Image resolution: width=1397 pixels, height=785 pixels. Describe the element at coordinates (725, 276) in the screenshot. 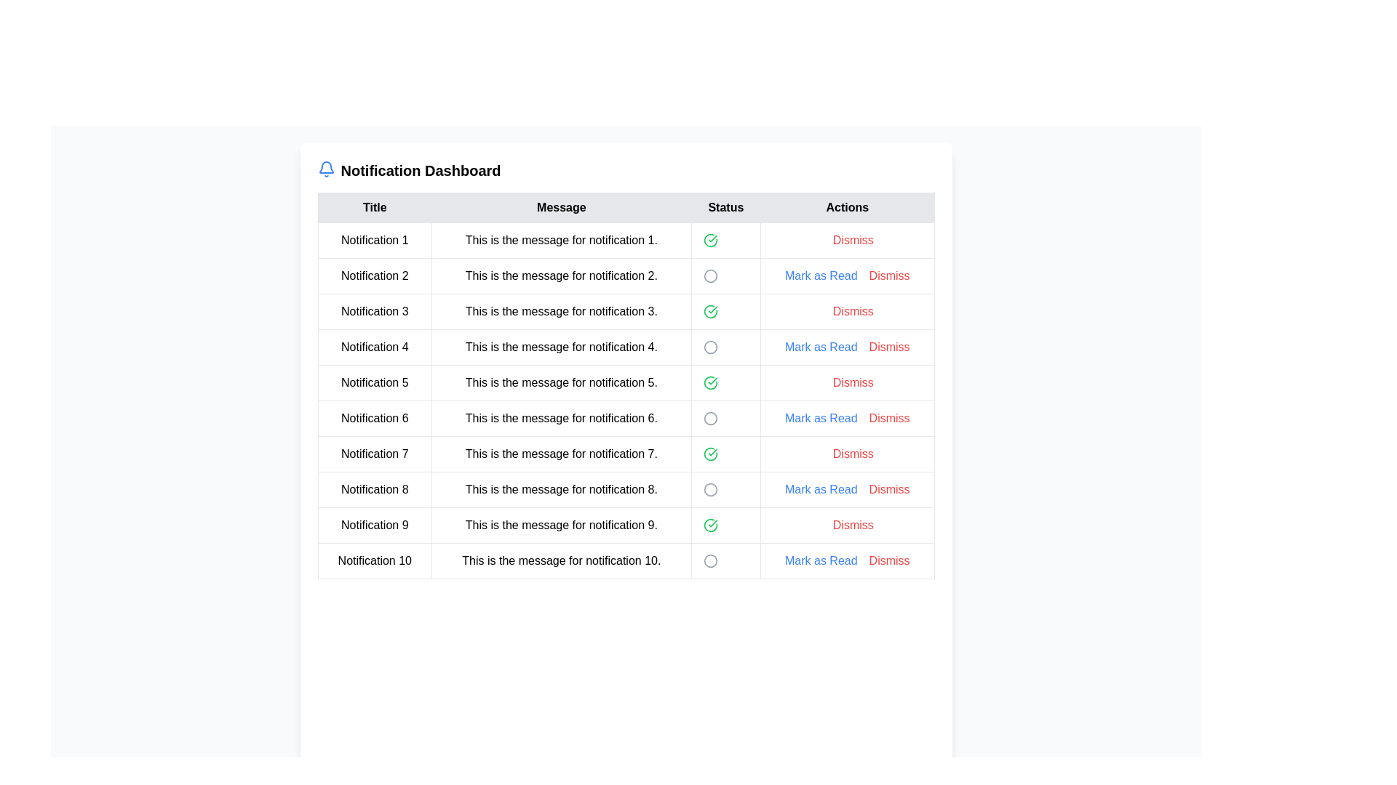

I see `the visual status of the hollow circle with a dot inside, styled in gray, located in the Status column next to the row labeled 'Notification 2'` at that location.